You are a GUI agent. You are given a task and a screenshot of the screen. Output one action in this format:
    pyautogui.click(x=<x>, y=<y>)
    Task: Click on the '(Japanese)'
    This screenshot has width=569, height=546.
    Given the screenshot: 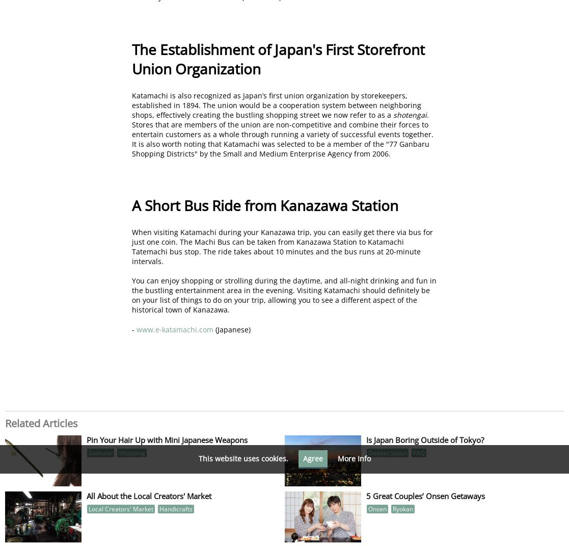 What is the action you would take?
    pyautogui.click(x=231, y=328)
    